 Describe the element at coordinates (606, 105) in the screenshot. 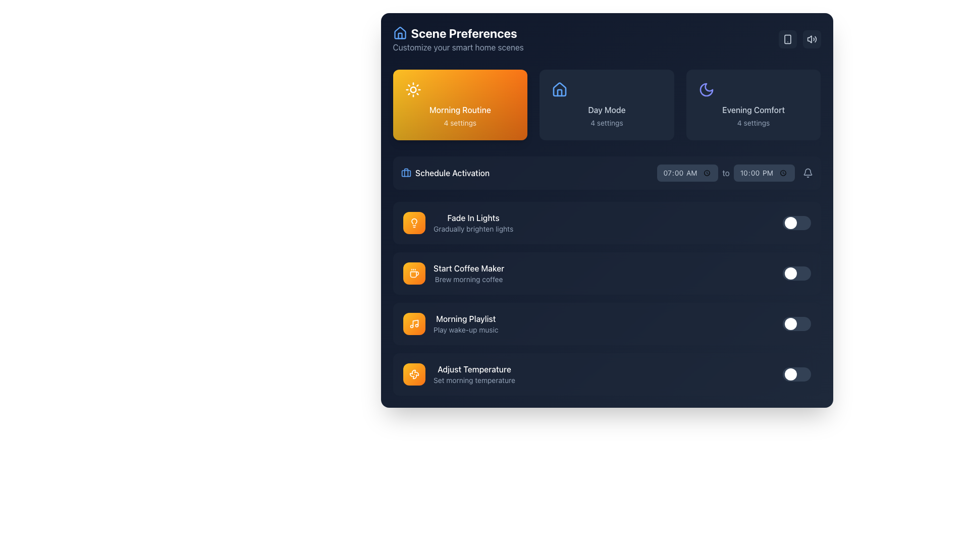

I see `the 'Day Mode' interactive card in the 'Scene Preferences' menu` at that location.